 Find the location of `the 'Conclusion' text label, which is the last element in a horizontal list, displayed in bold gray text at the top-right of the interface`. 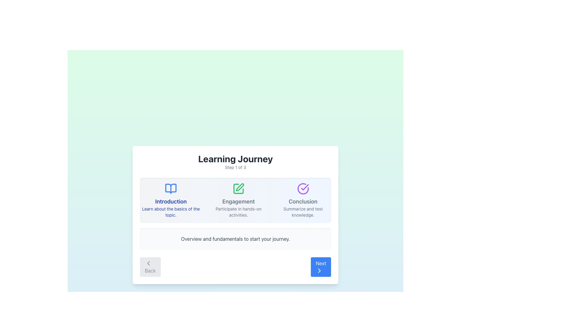

the 'Conclusion' text label, which is the last element in a horizontal list, displayed in bold gray text at the top-right of the interface is located at coordinates (303, 201).